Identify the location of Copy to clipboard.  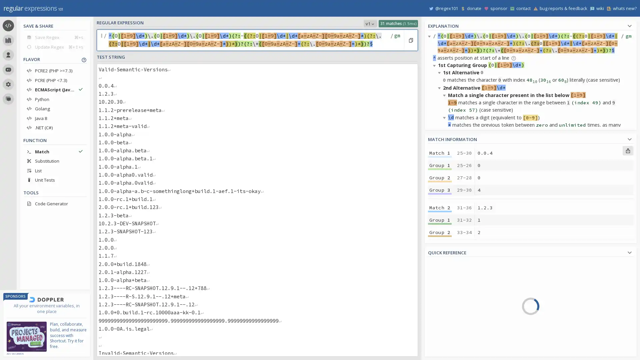
(410, 40).